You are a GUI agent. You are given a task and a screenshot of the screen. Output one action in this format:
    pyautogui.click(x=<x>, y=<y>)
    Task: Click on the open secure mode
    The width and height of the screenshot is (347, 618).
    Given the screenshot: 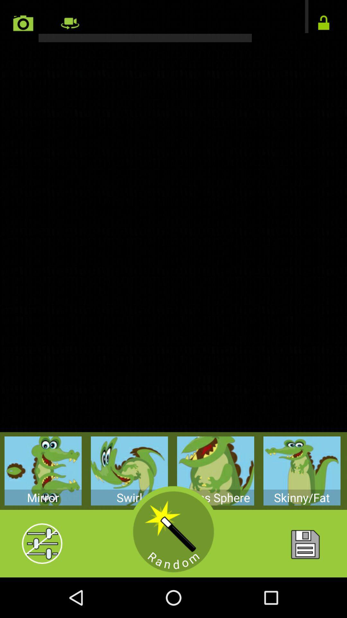 What is the action you would take?
    pyautogui.click(x=324, y=23)
    